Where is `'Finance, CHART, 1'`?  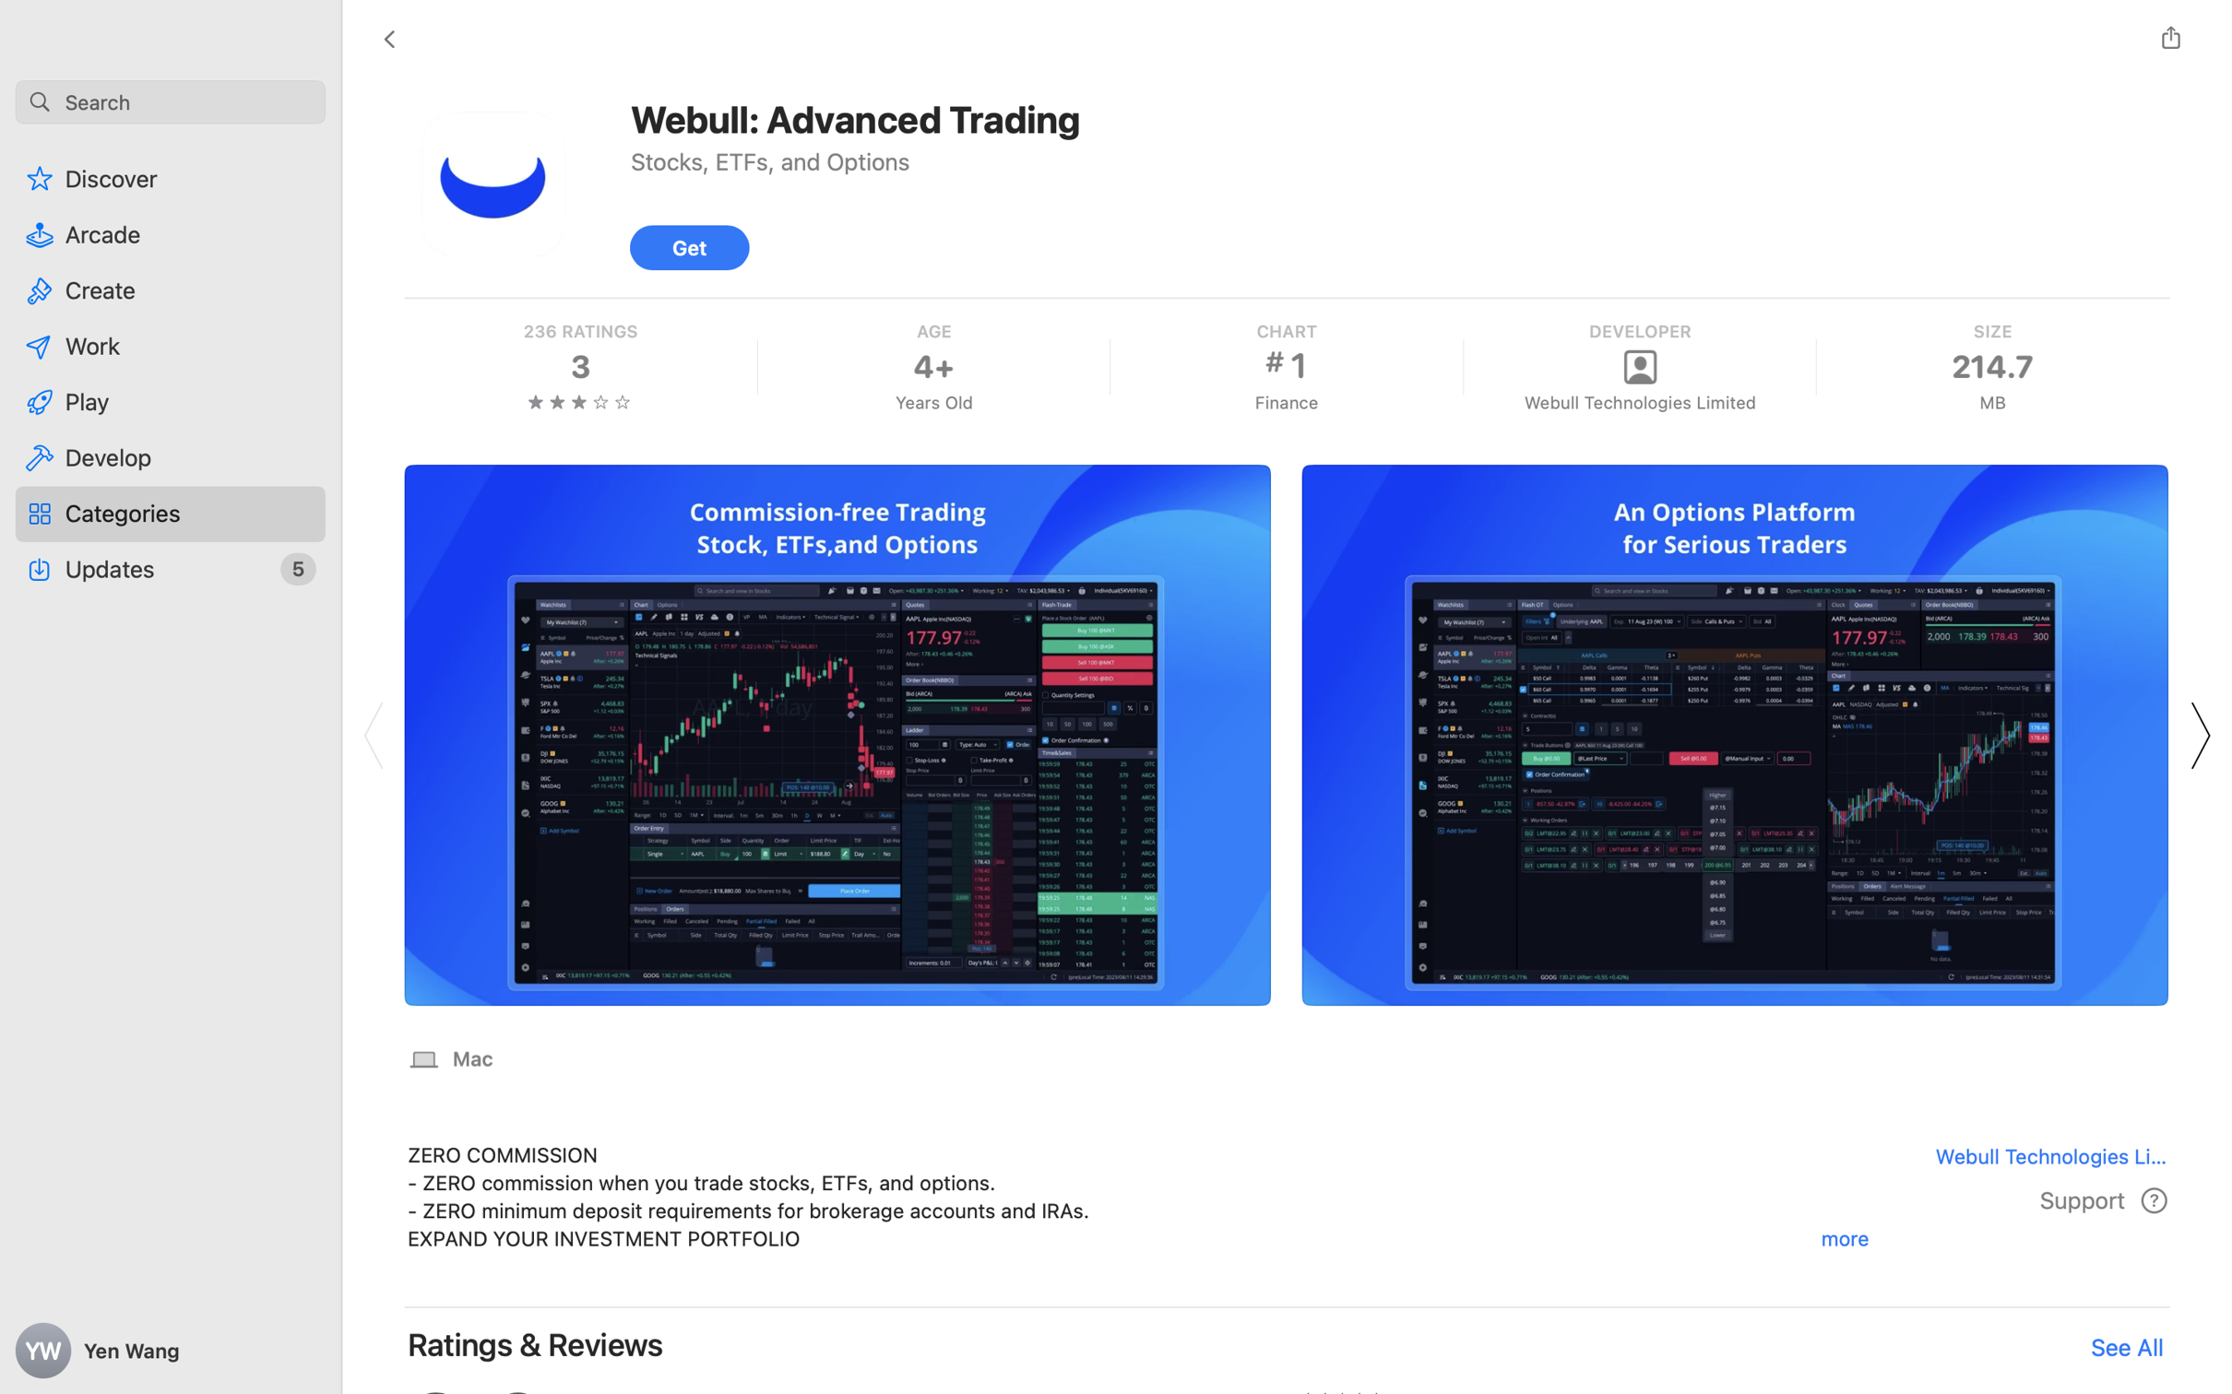
'Finance, CHART, 1' is located at coordinates (1284, 365).